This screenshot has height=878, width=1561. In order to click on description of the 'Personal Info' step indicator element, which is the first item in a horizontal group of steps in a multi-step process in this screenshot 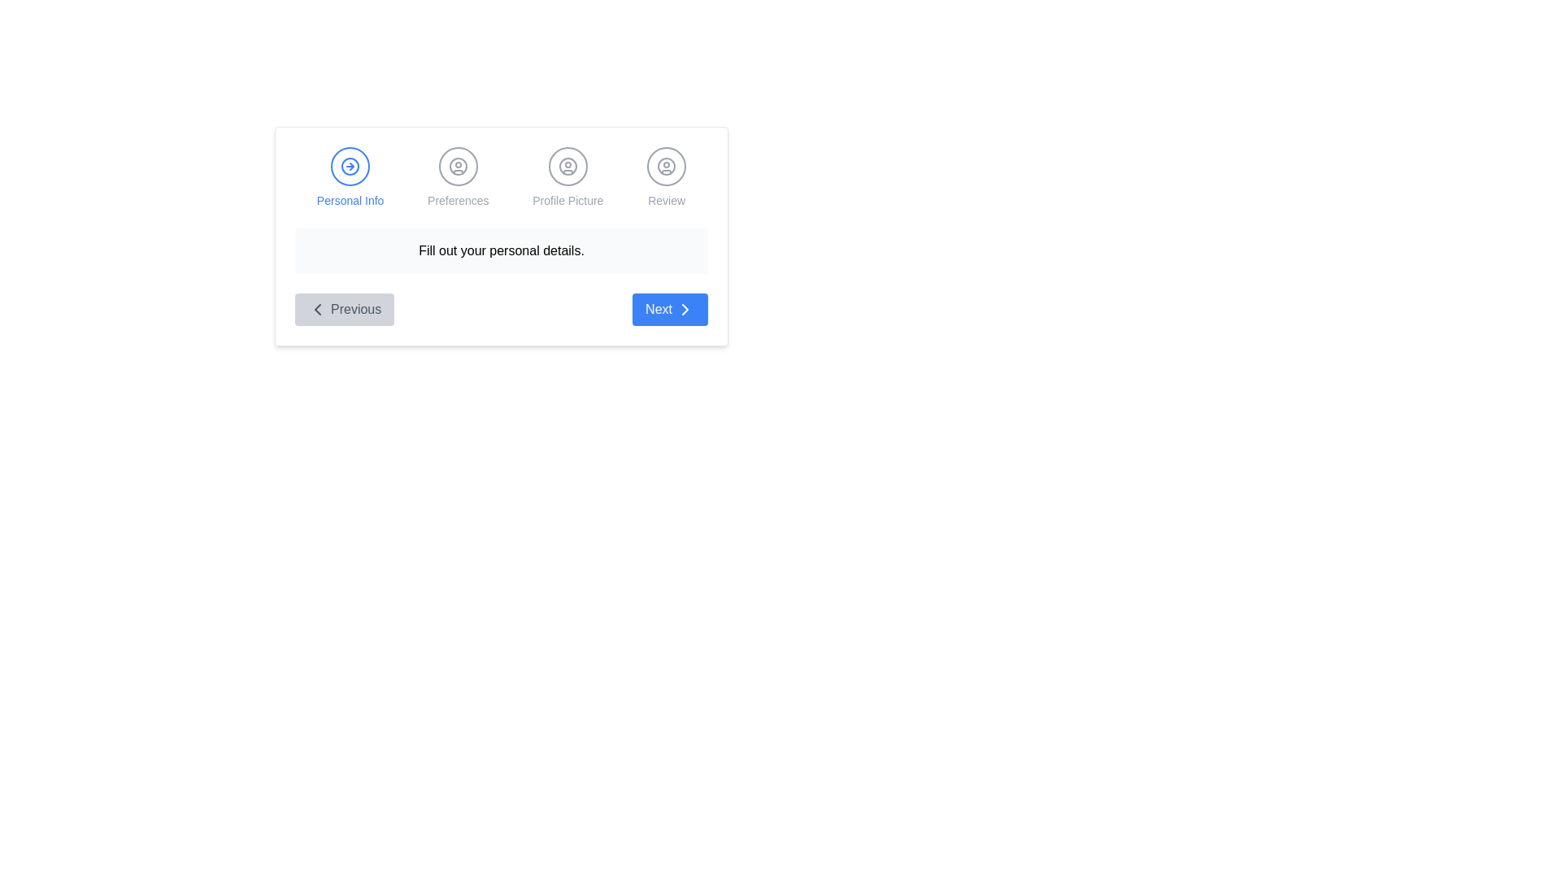, I will do `click(350, 178)`.